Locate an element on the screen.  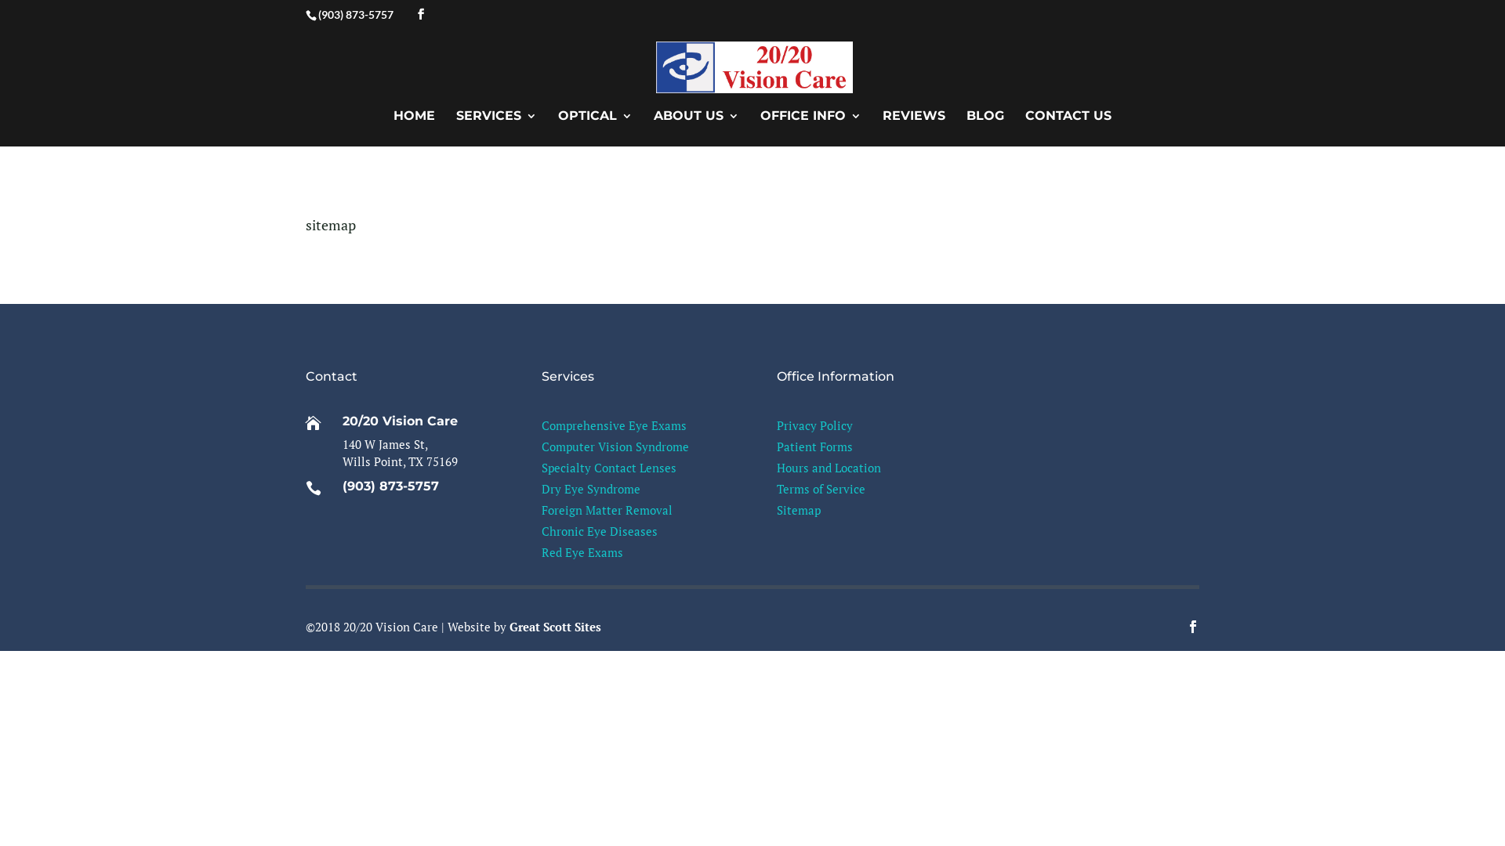
'ABOUT US' is located at coordinates (695, 128).